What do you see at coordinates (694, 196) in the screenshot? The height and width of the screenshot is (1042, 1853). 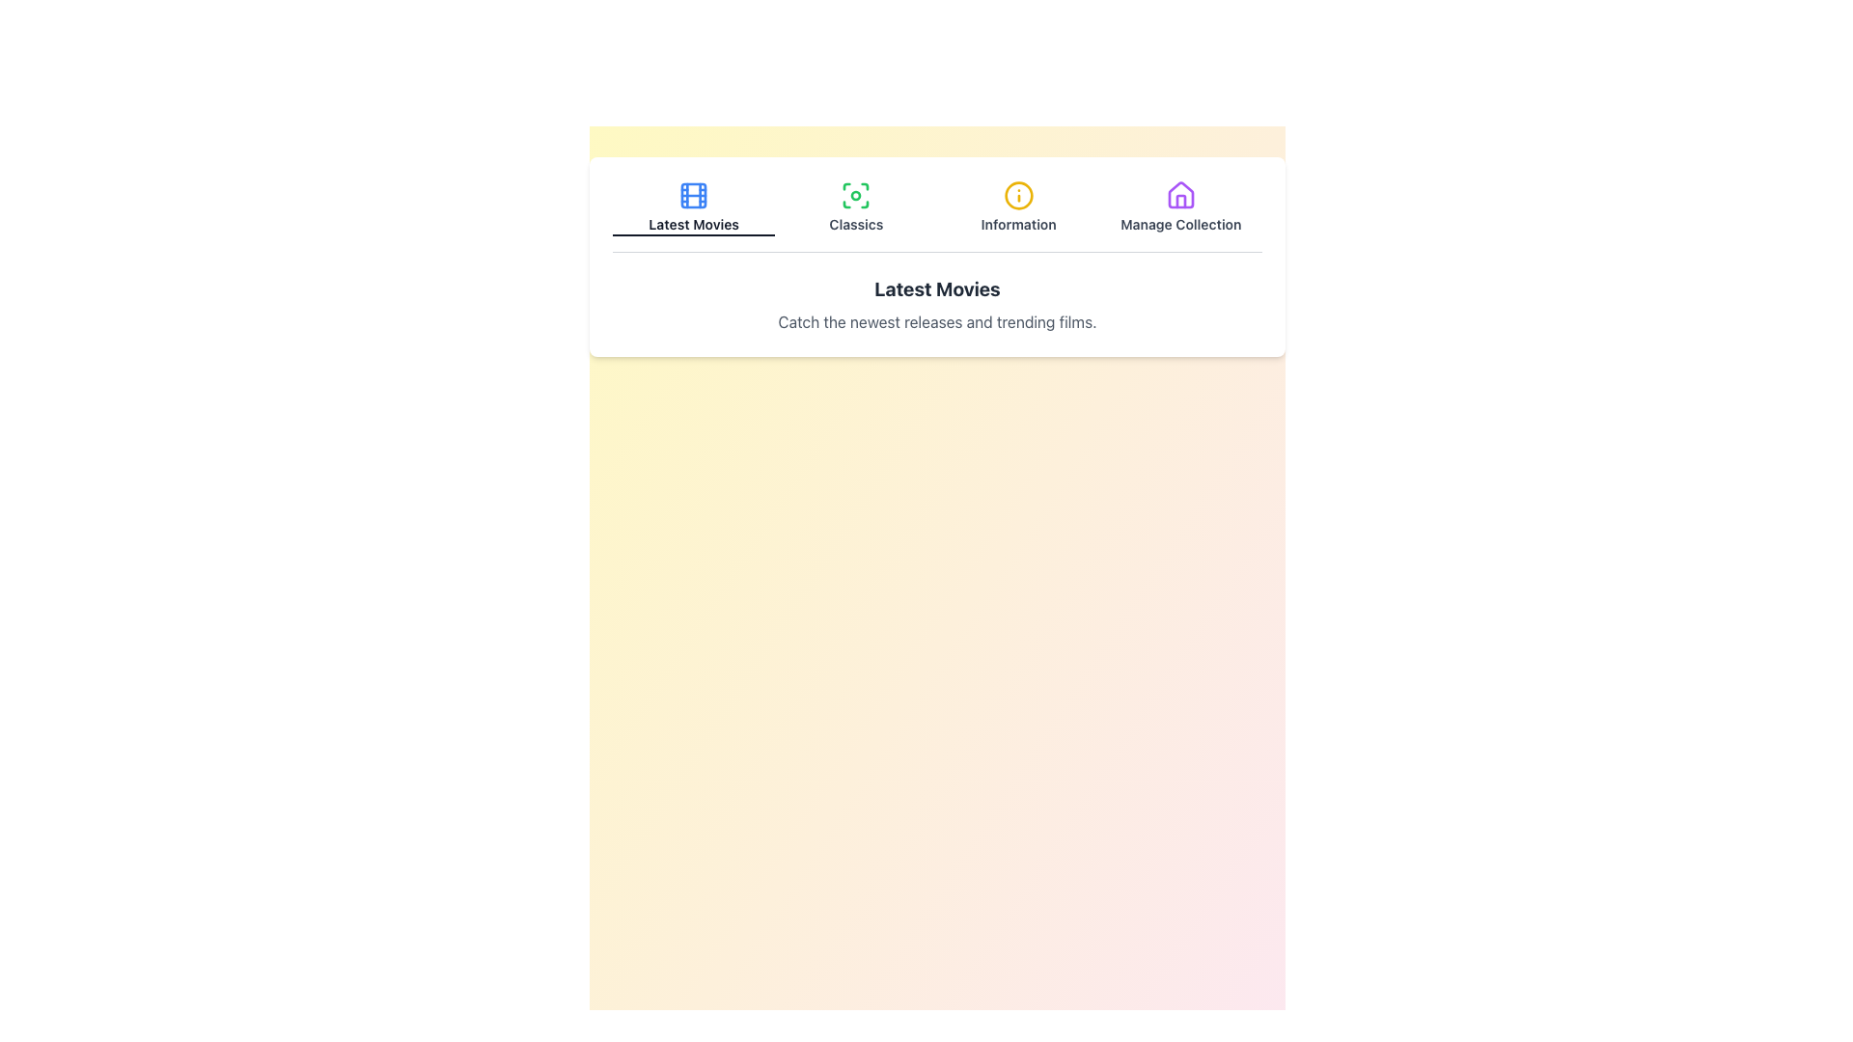 I see `the 'Latest Movies' icon` at bounding box center [694, 196].